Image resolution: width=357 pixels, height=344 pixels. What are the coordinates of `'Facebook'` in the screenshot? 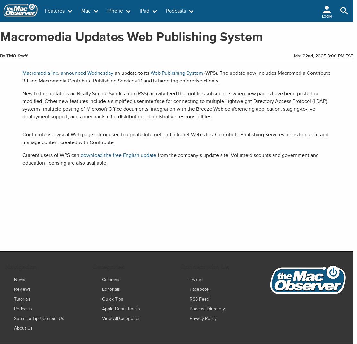 It's located at (189, 289).